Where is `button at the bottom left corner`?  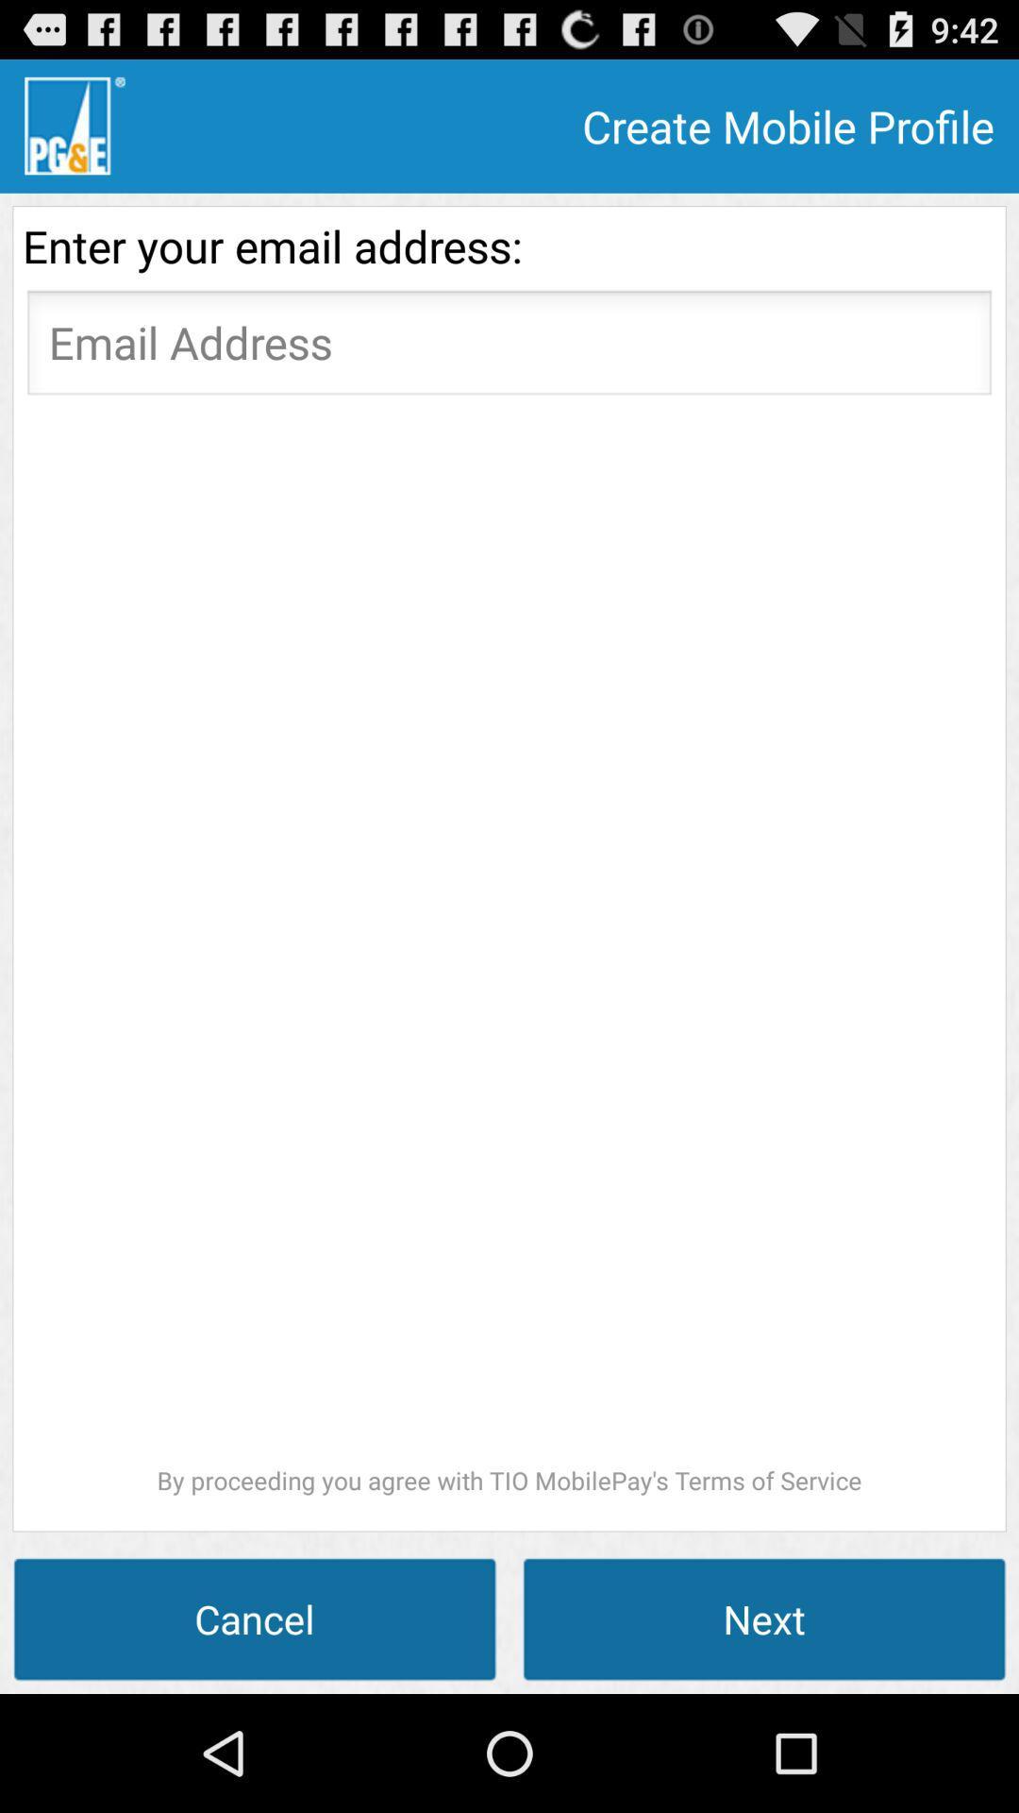 button at the bottom left corner is located at coordinates (255, 1618).